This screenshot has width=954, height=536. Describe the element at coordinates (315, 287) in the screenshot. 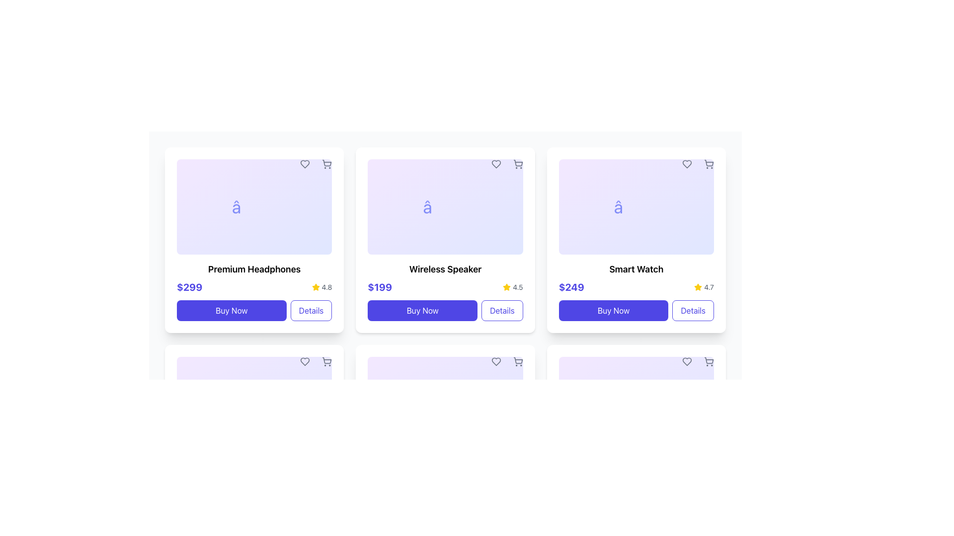

I see `the star icon representing the rating for the 'Premium Headphones' product, located in the upper-right part of the product card, adjacent to the text '4.8'` at that location.